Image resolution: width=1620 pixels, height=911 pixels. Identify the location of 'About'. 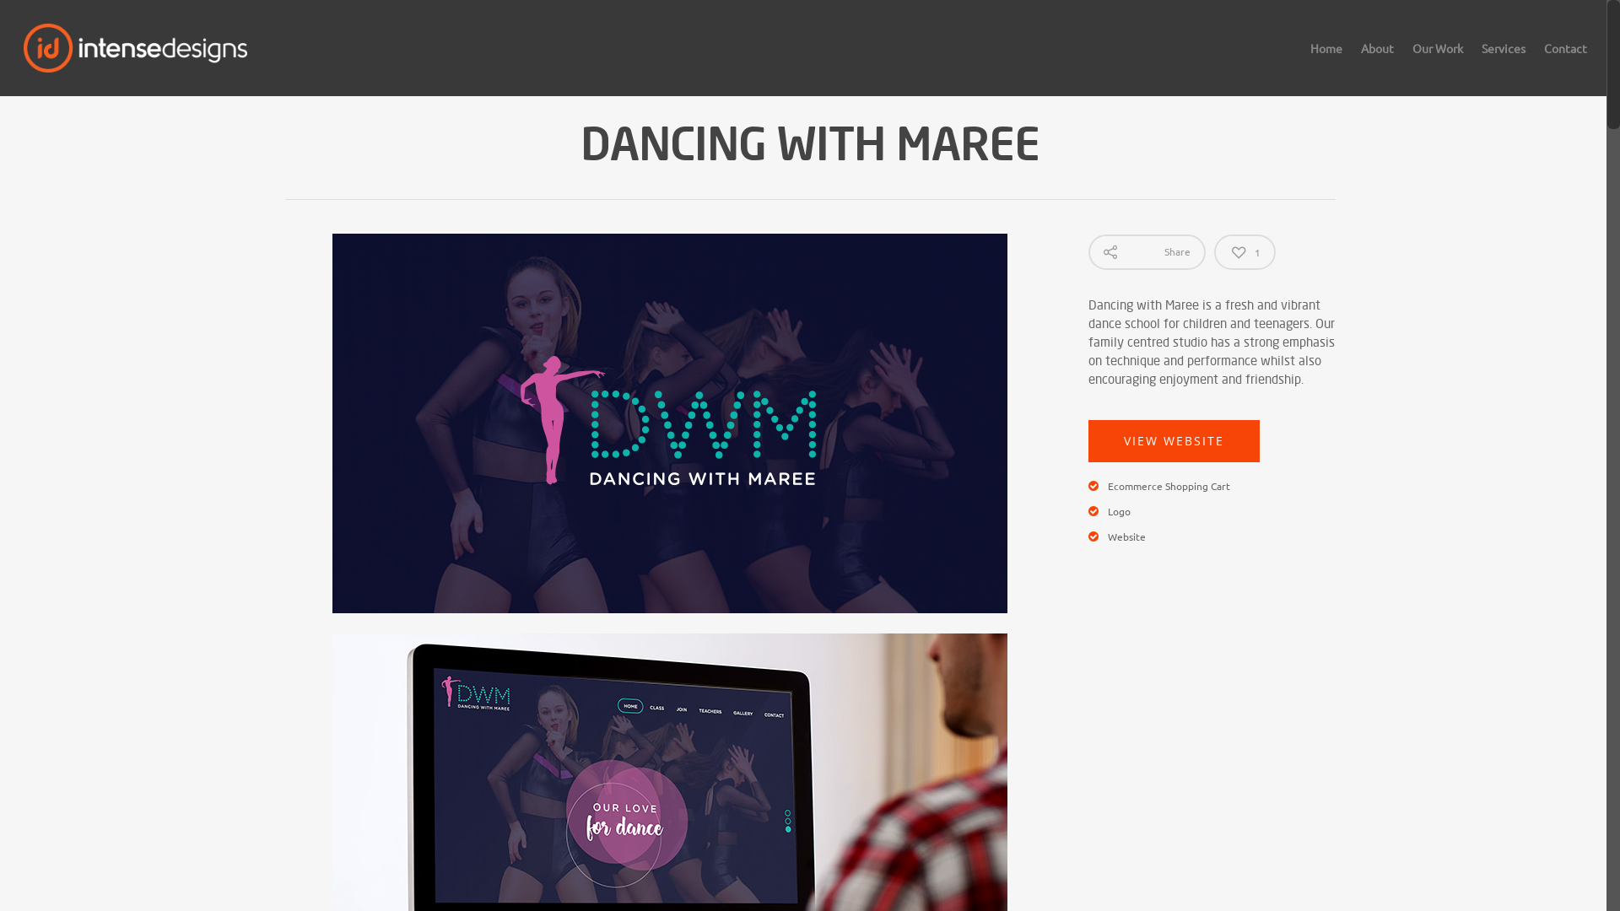
(1377, 58).